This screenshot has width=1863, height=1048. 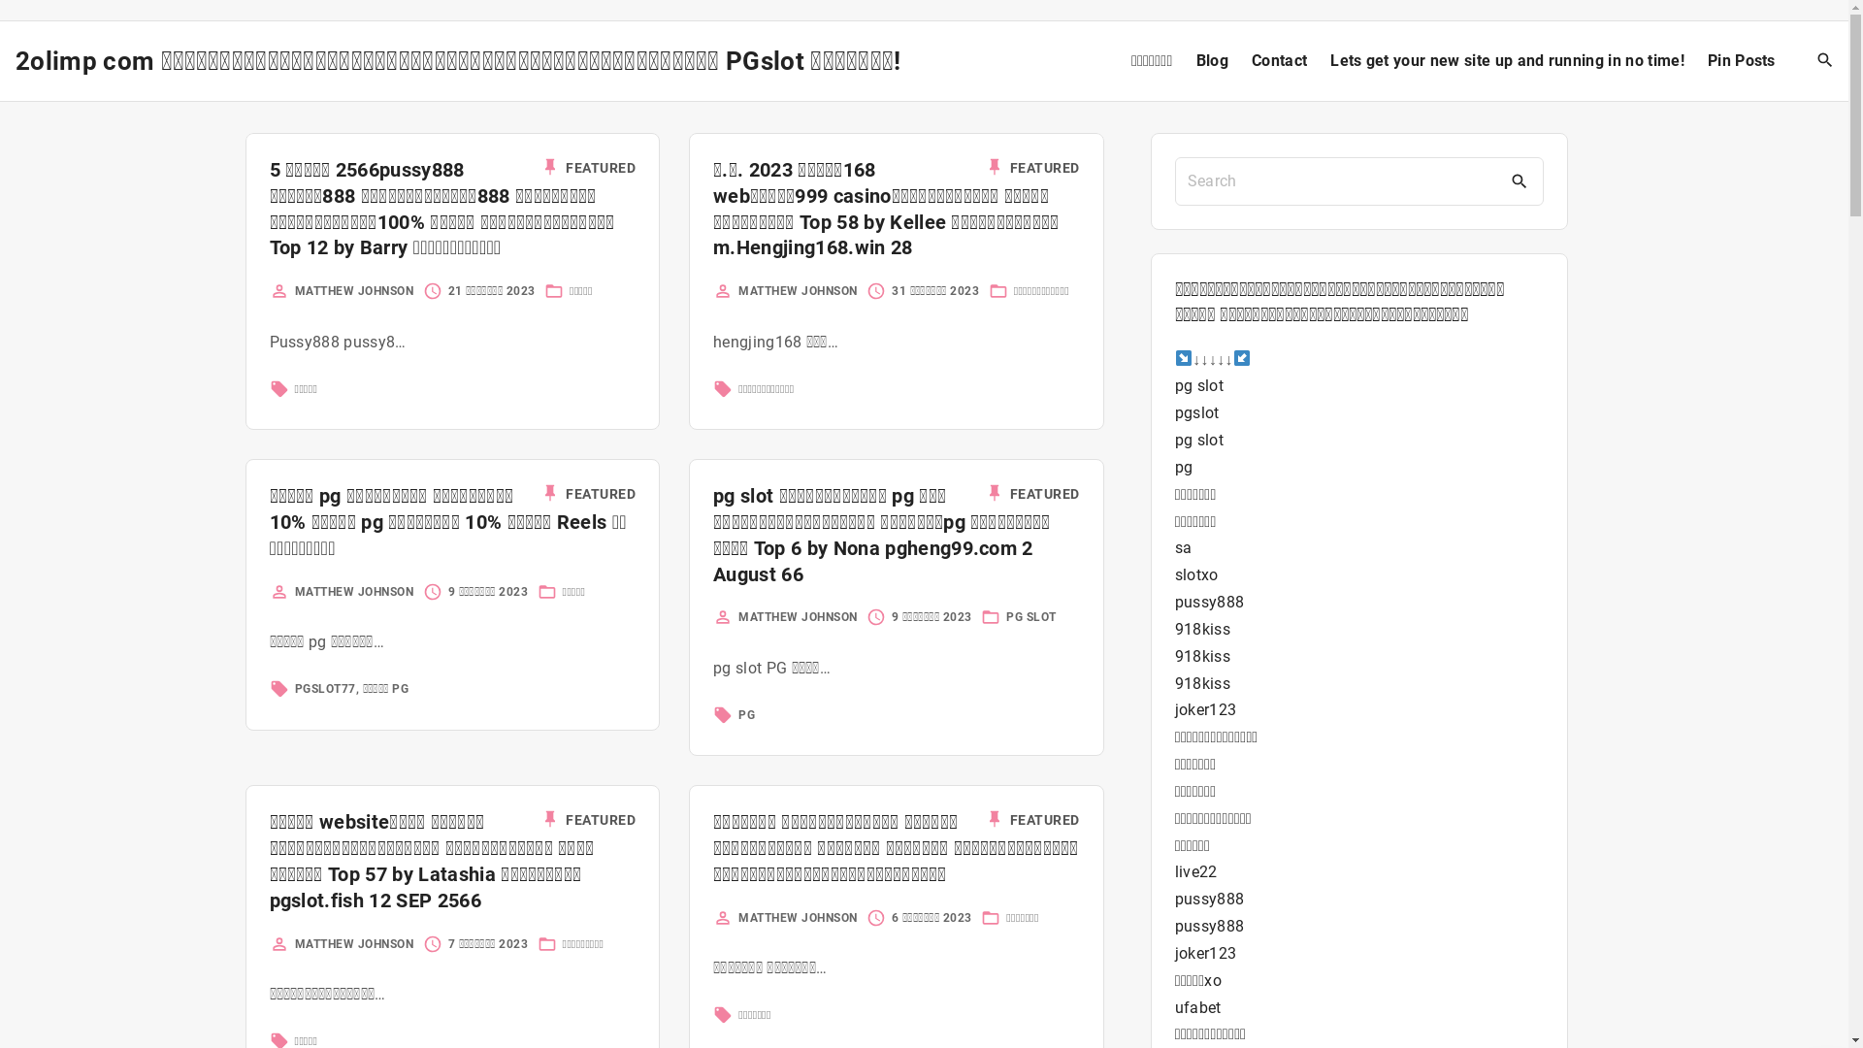 I want to click on 'pussy888', so click(x=1209, y=925).